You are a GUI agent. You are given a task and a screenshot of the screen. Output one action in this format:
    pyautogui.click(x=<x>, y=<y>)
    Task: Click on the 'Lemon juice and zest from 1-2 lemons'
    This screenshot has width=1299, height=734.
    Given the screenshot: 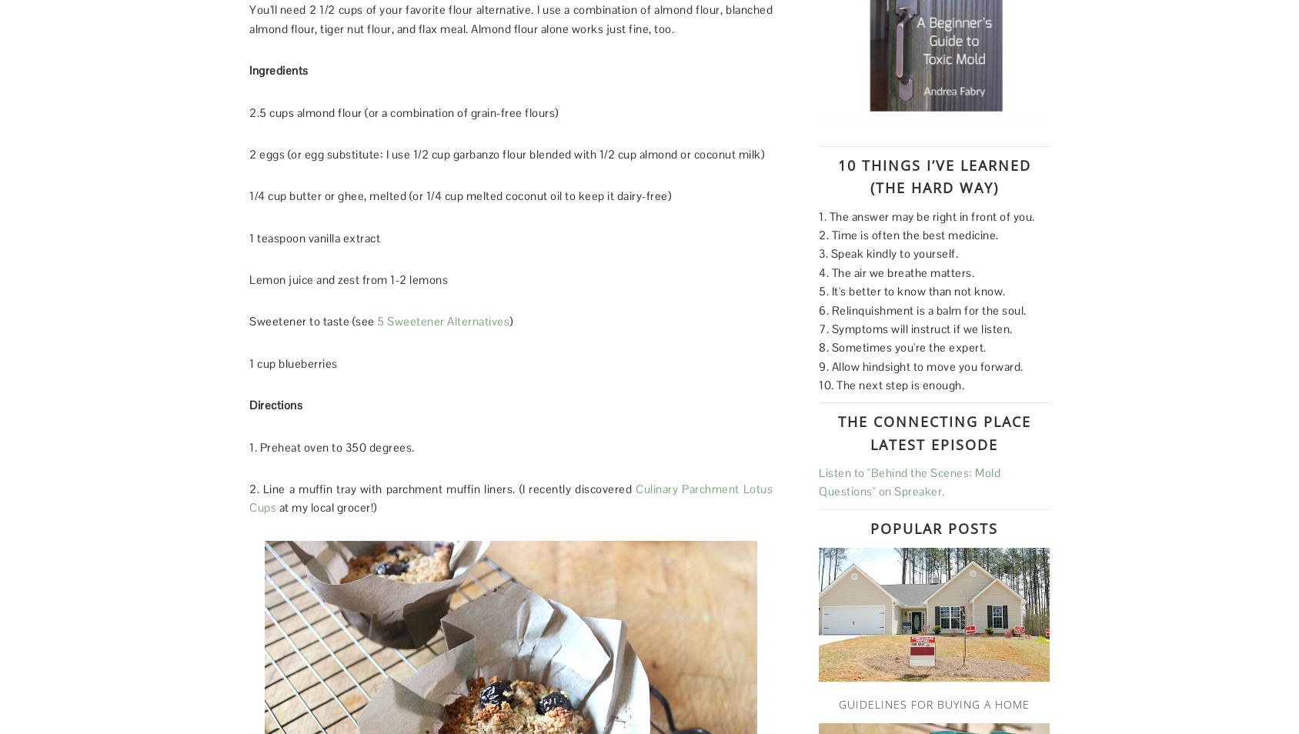 What is the action you would take?
    pyautogui.click(x=249, y=279)
    